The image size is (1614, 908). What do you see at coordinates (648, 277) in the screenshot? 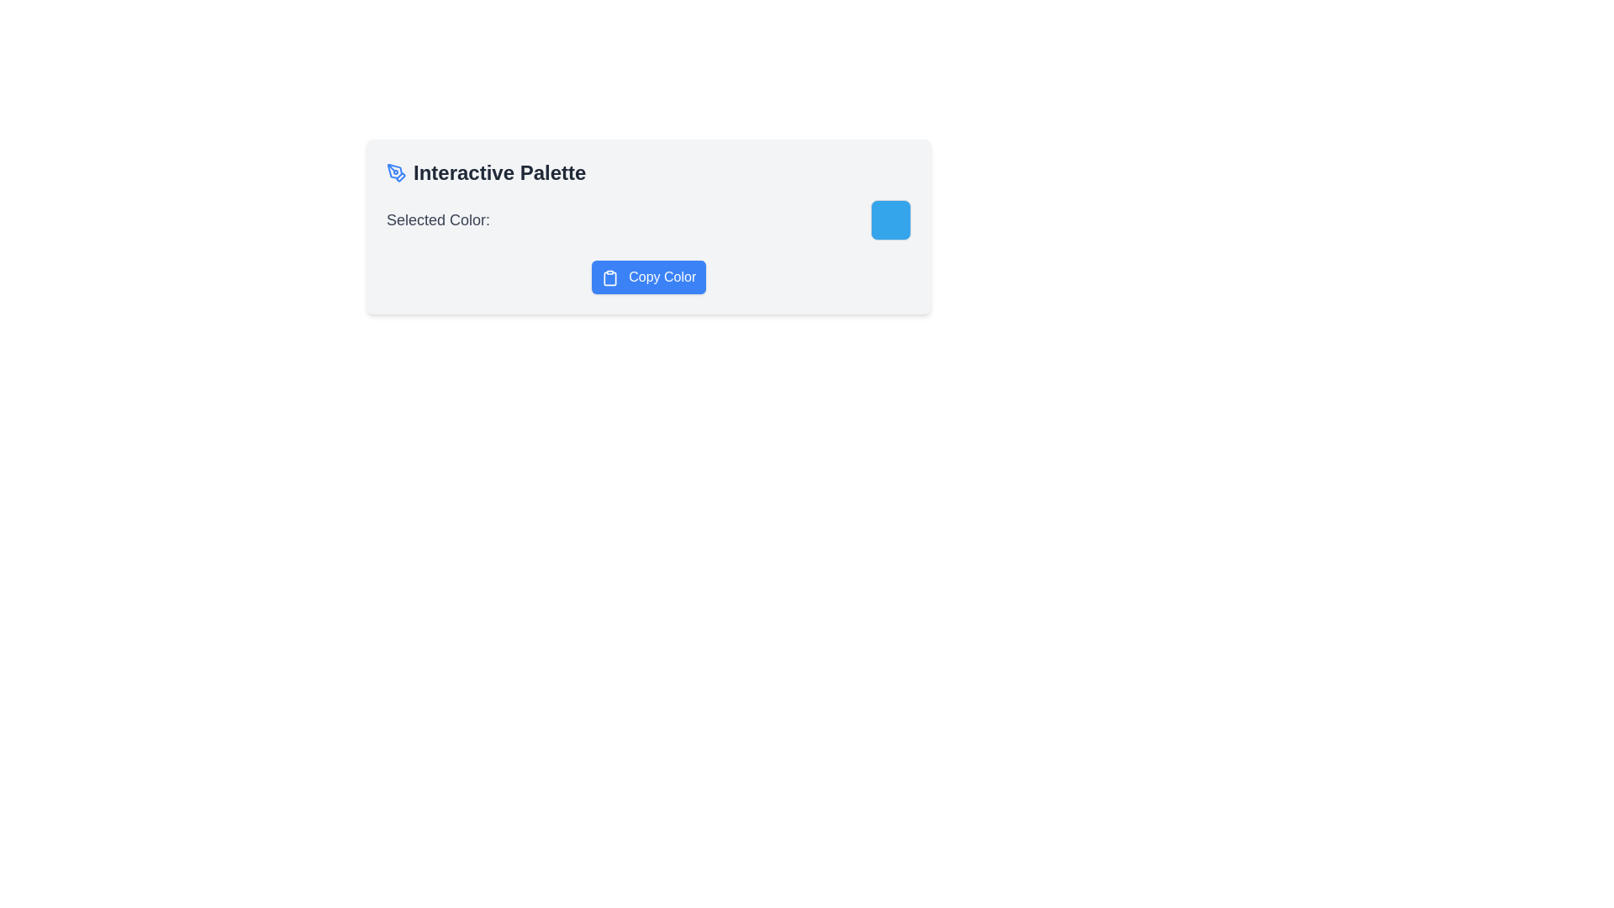
I see `the button that allows the user to copy the currently selected color to the clipboard, positioned below the 'Selected Color:' label and to the left of a blue square` at bounding box center [648, 277].